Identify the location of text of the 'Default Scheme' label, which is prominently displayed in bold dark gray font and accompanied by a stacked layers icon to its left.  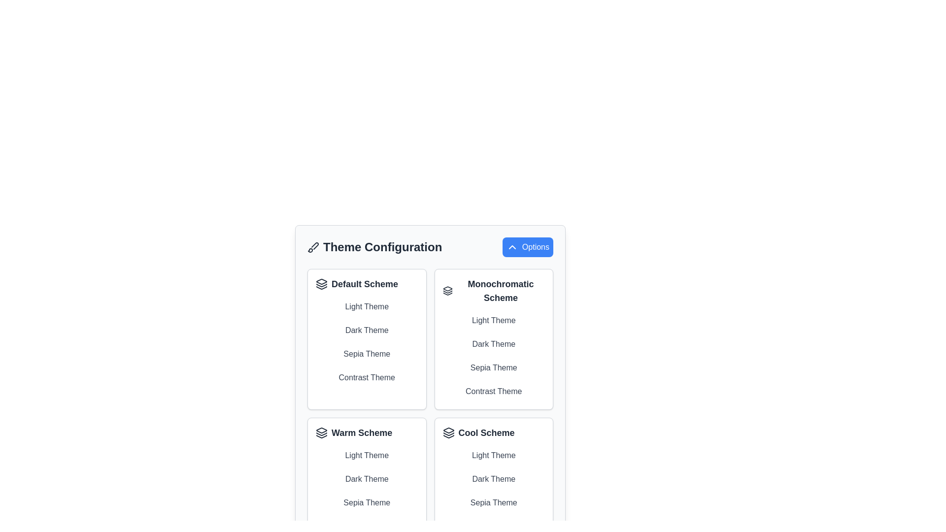
(366, 284).